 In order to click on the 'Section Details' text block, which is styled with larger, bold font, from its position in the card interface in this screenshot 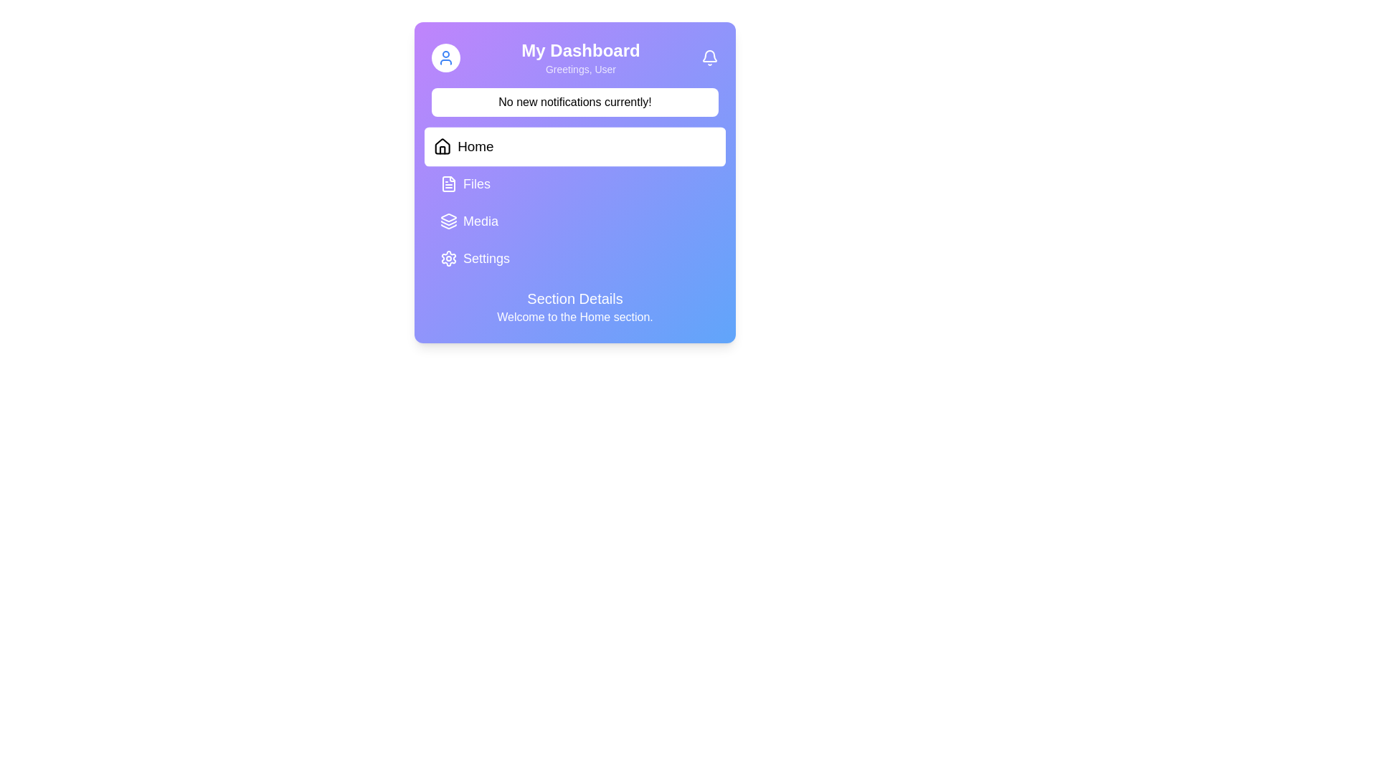, I will do `click(574, 306)`.